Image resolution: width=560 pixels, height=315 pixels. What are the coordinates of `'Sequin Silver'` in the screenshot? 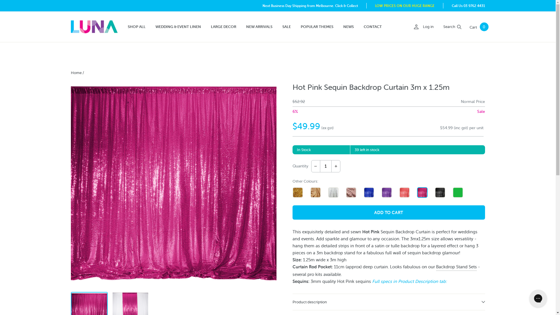 It's located at (333, 192).